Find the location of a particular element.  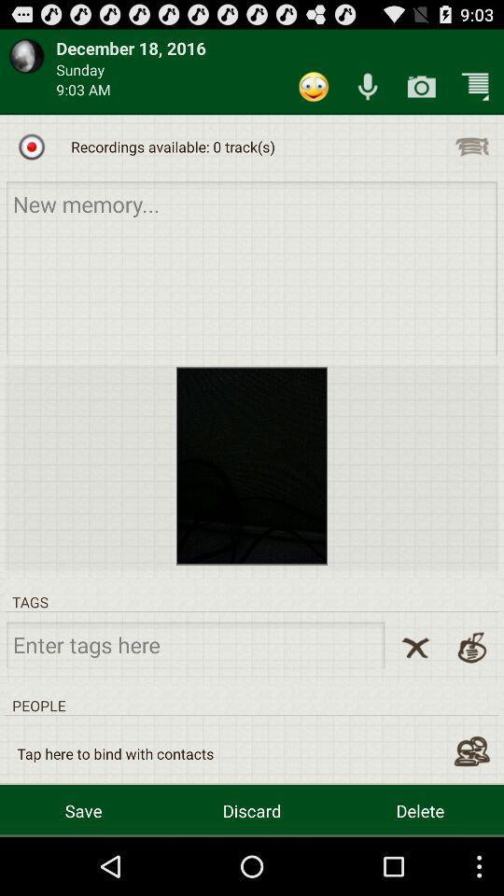

icon below tags icon is located at coordinates (415, 648).